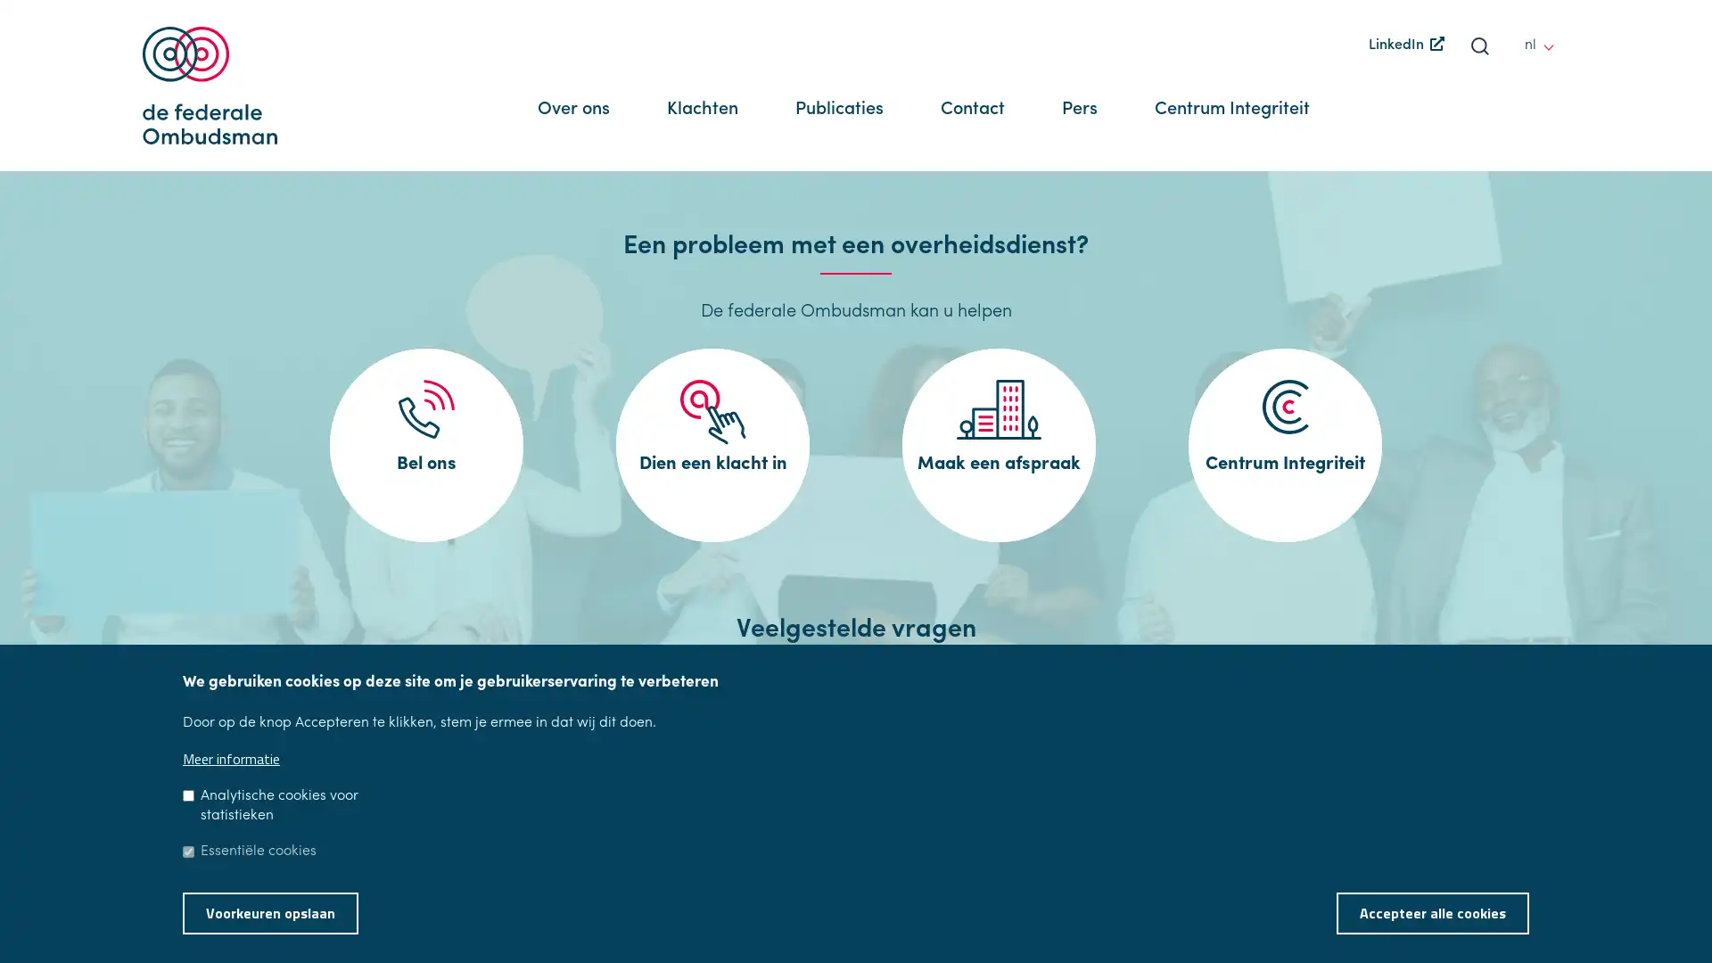 The height and width of the screenshot is (963, 1712). I want to click on Accepteer alle cookies, so click(1433, 912).